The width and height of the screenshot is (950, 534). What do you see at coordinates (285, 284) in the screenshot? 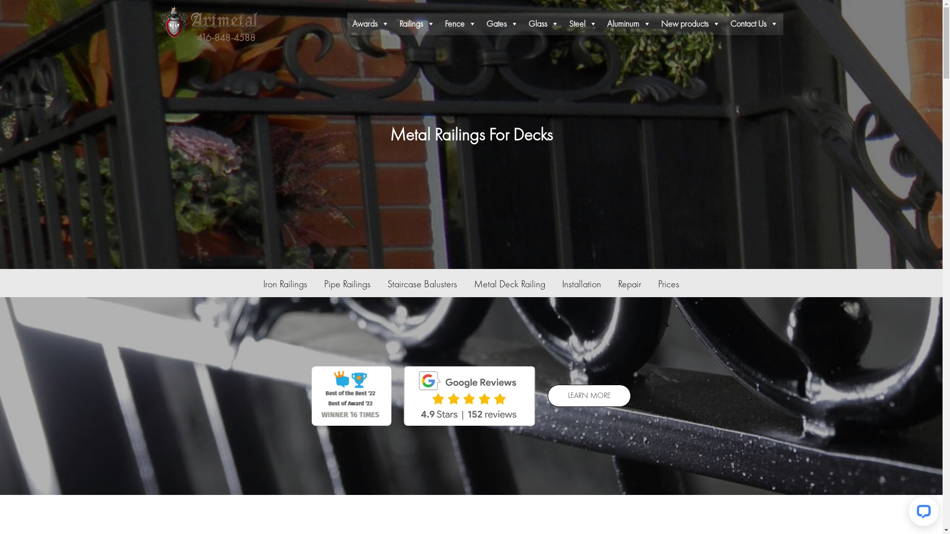
I see `'Iron Railings'` at bounding box center [285, 284].